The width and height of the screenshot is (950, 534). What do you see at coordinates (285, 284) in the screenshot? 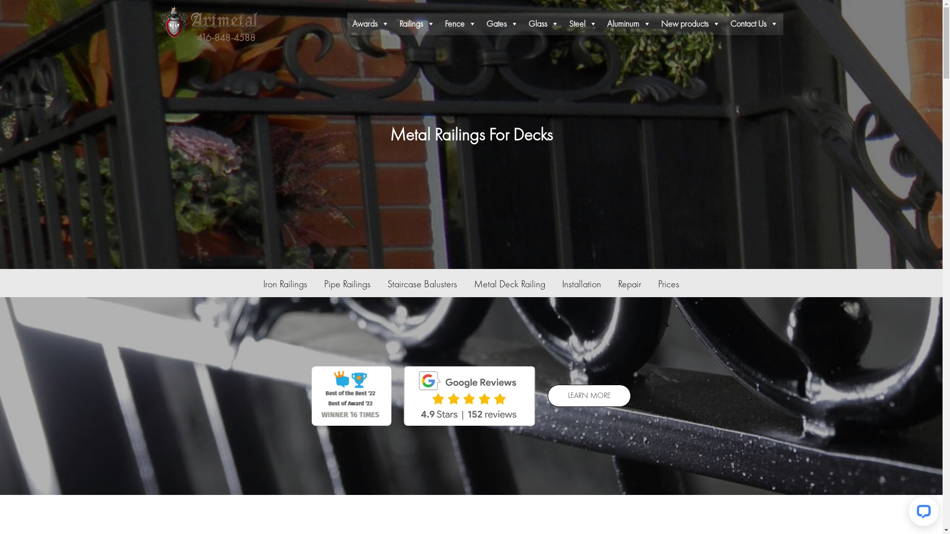
I see `'Iron Railings'` at bounding box center [285, 284].